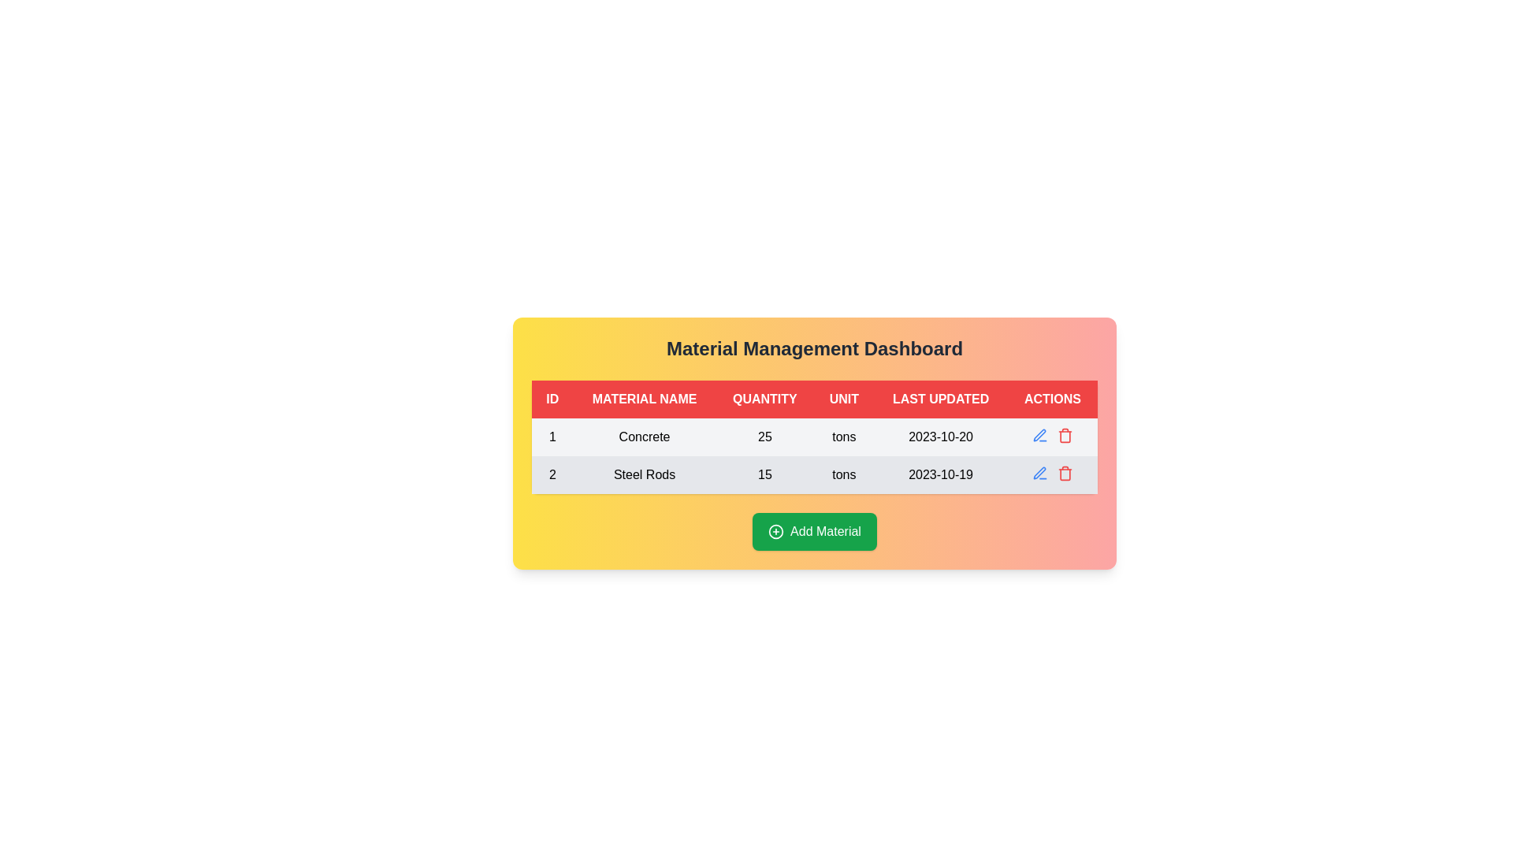 This screenshot has width=1513, height=851. Describe the element at coordinates (814, 532) in the screenshot. I see `the 'Add Material' button with a rounded green background for keyboard navigation` at that location.